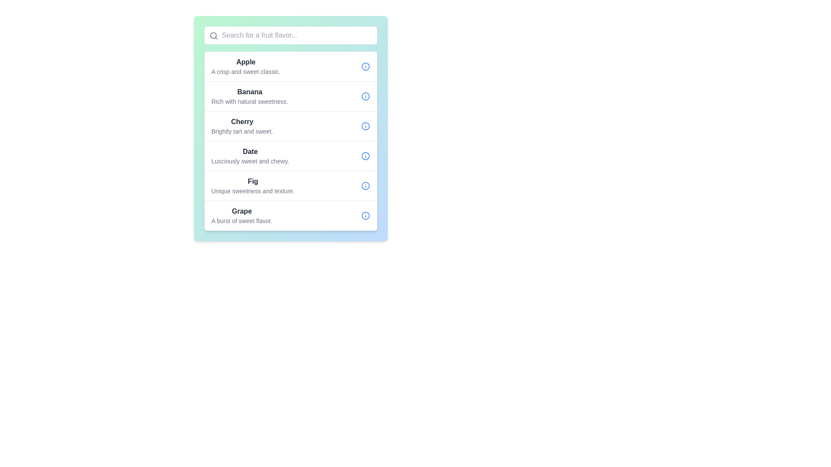 The width and height of the screenshot is (831, 467). Describe the element at coordinates (213, 35) in the screenshot. I see `the decorative SVG circle element that symbolizes the search functionality of the input bar, located in the upper-left corner of the input bar` at that location.